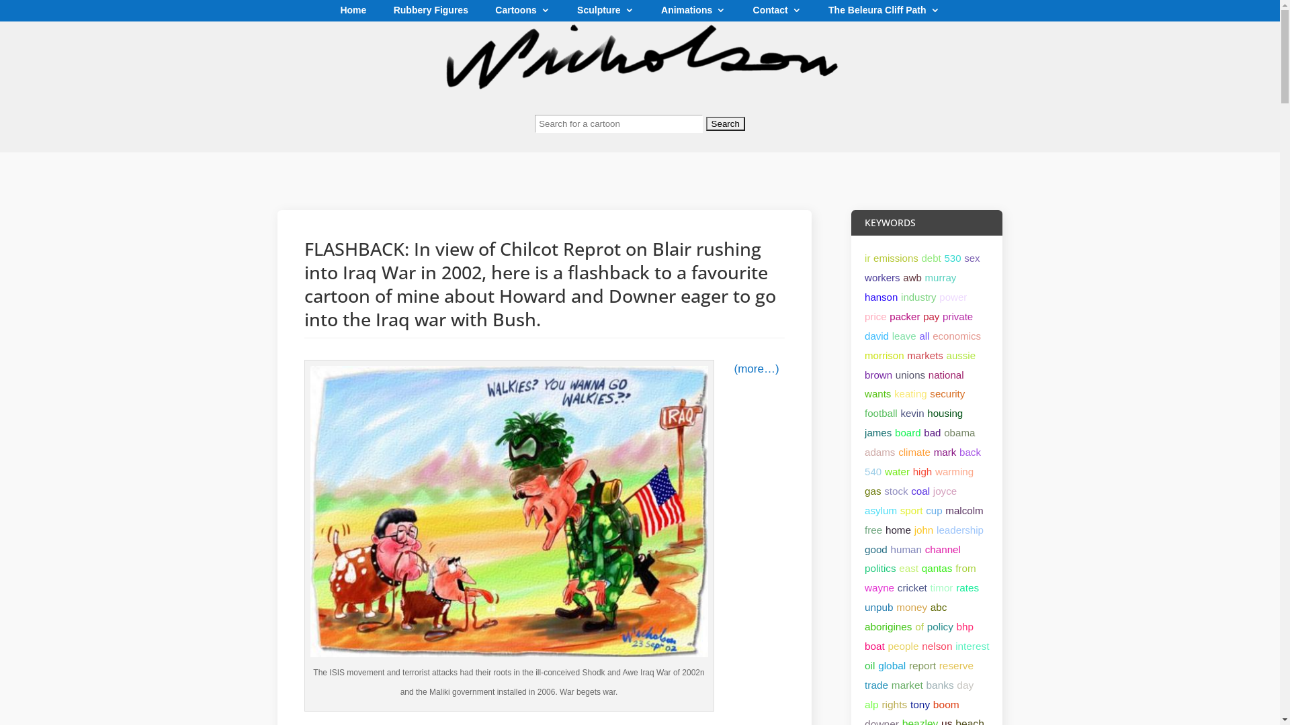 The width and height of the screenshot is (1290, 725). Describe the element at coordinates (898, 529) in the screenshot. I see `'home'` at that location.